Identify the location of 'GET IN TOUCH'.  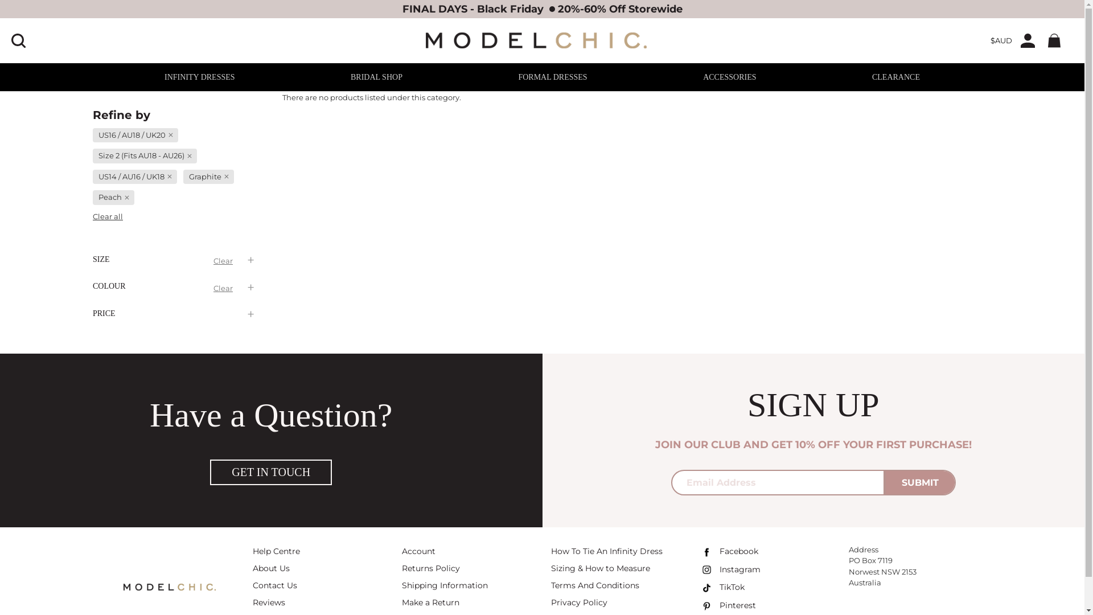
(270, 472).